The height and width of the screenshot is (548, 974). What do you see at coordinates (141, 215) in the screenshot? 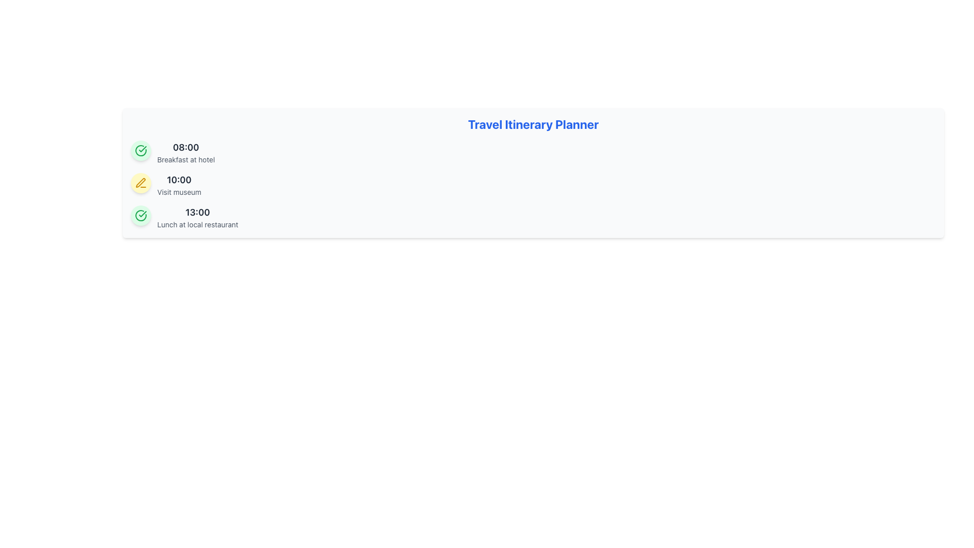
I see `the circular icon with a green background and checkmark symbol, located to the left of the text entry '13:00 Lunch at local restaurant' within the third row of scheduled items` at bounding box center [141, 215].